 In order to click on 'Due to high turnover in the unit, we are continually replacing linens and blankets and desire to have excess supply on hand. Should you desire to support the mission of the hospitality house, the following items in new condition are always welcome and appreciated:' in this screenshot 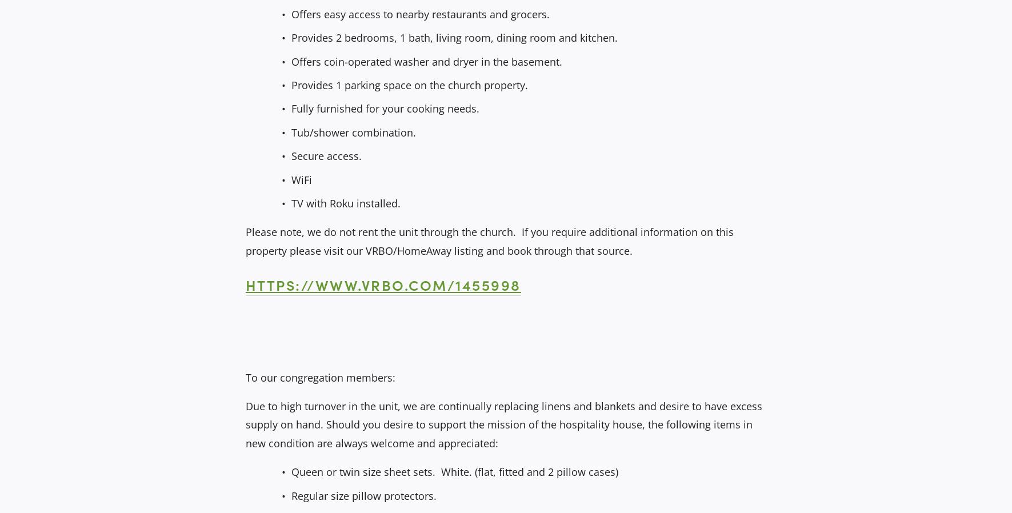, I will do `click(504, 424)`.